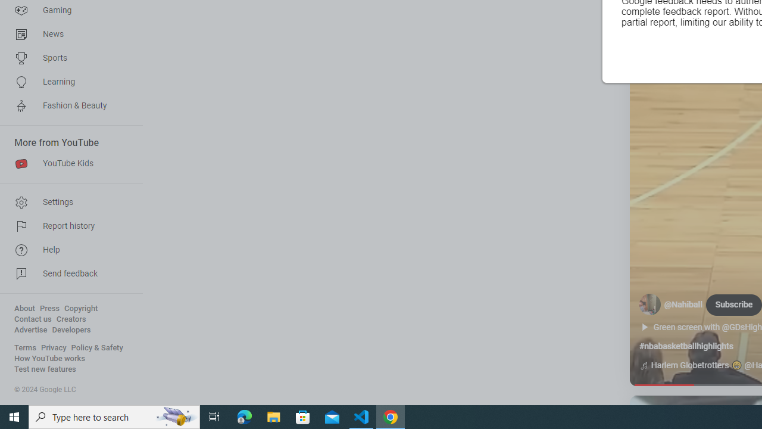  What do you see at coordinates (67, 164) in the screenshot?
I see `'YouTube Kids'` at bounding box center [67, 164].